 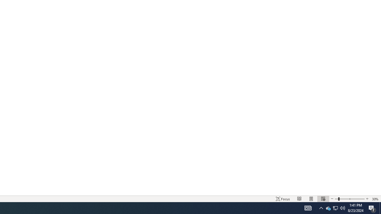 I want to click on 'Print Layout', so click(x=311, y=199).